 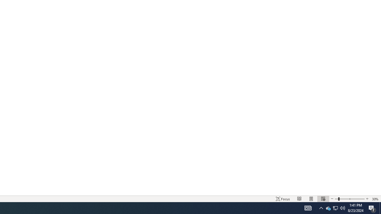 I want to click on 'Print Layout', so click(x=311, y=199).